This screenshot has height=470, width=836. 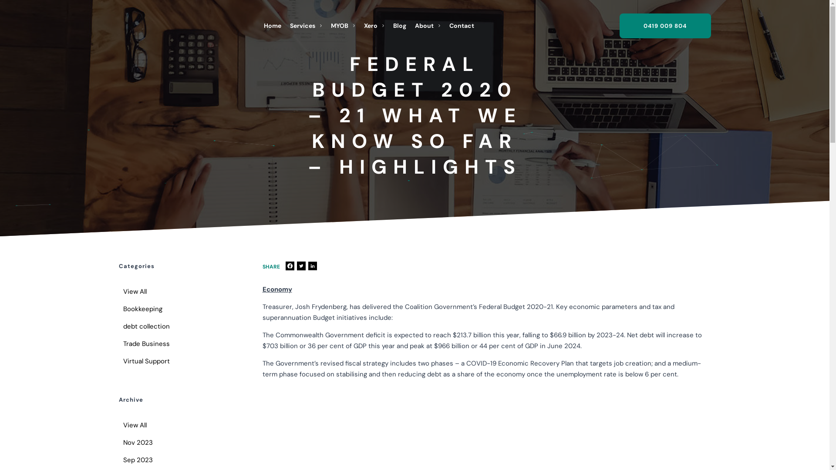 What do you see at coordinates (118, 459) in the screenshot?
I see `'Sep 2023'` at bounding box center [118, 459].